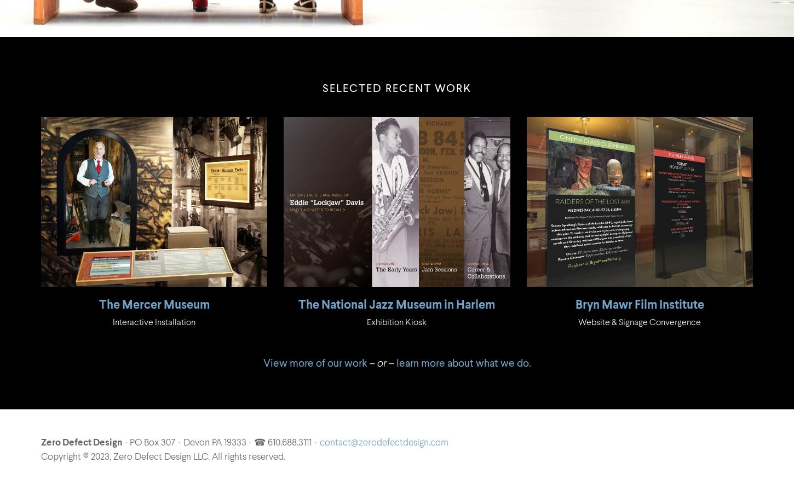 This screenshot has width=794, height=492. I want to click on 'Copyright © 2023, Zero Defect Design LLC.', so click(125, 456).